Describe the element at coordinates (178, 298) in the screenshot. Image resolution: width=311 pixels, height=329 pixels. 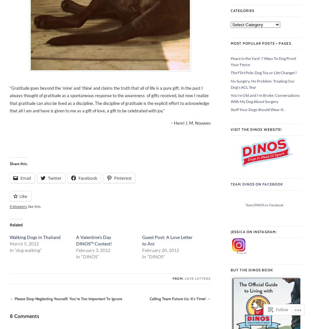
I see `'Calling Team Future Us: It’s Time!'` at that location.